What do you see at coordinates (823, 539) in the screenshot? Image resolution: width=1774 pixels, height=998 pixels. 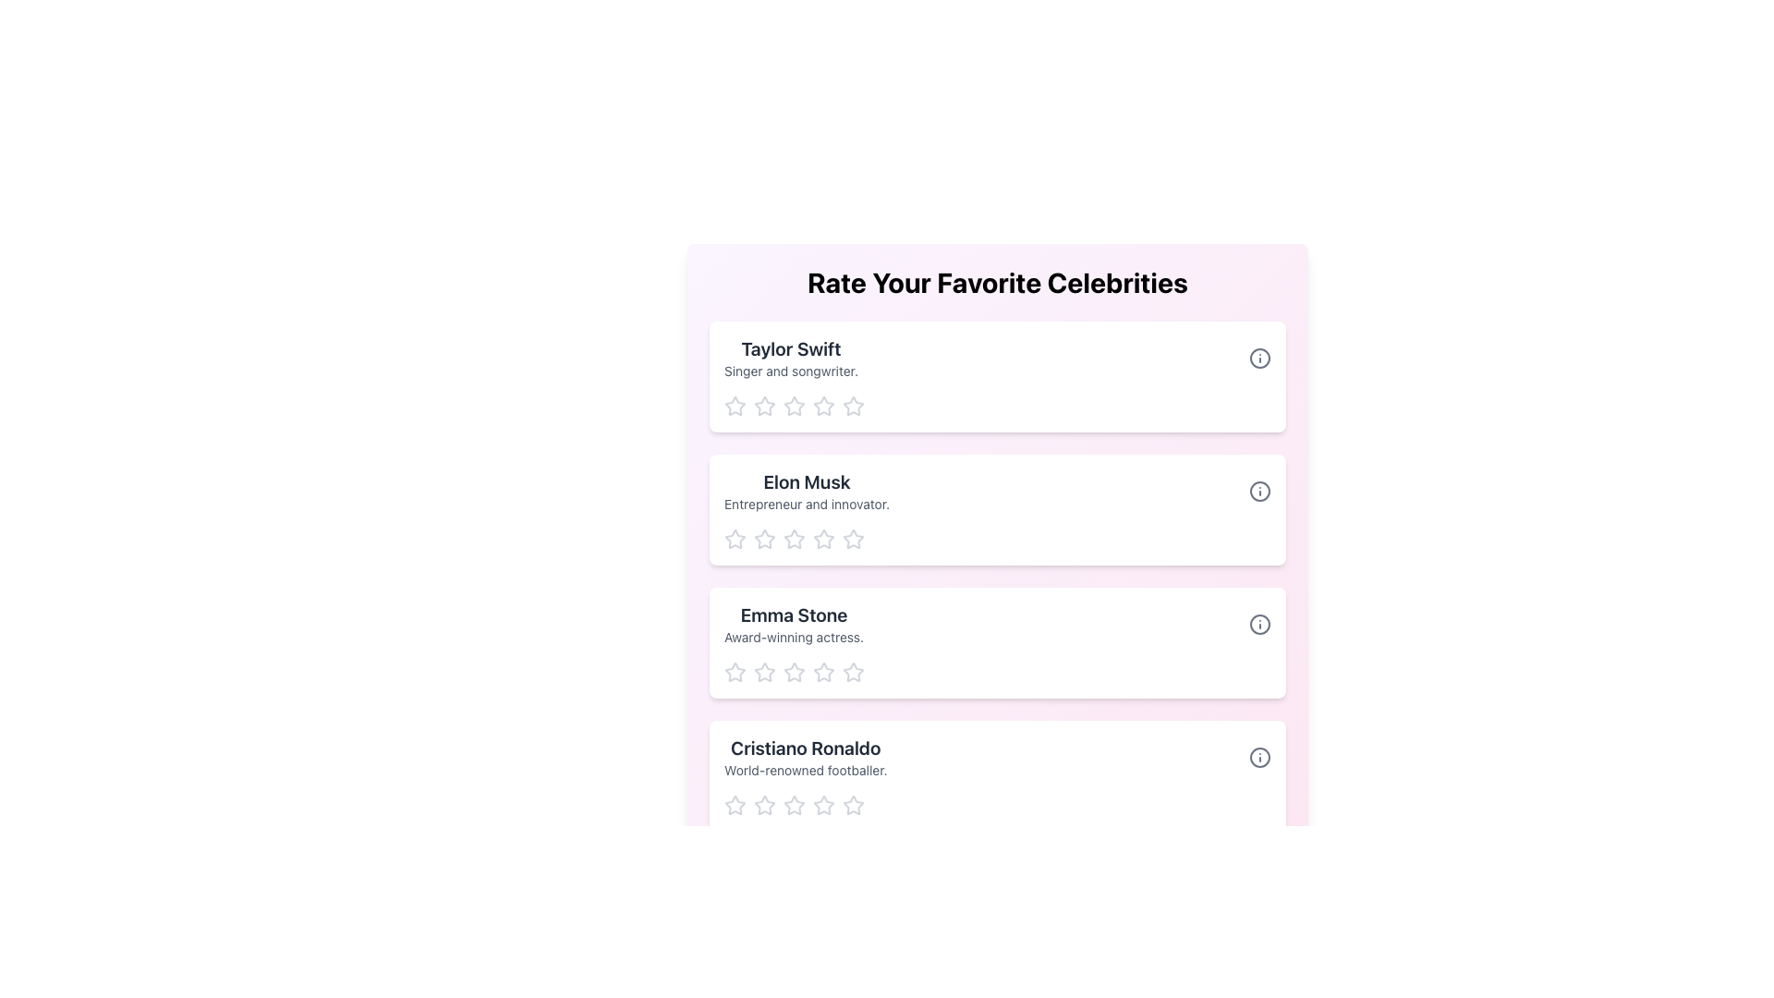 I see `the second star-shaped icon in the star rating system under the 'Elon Musk' card` at bounding box center [823, 539].